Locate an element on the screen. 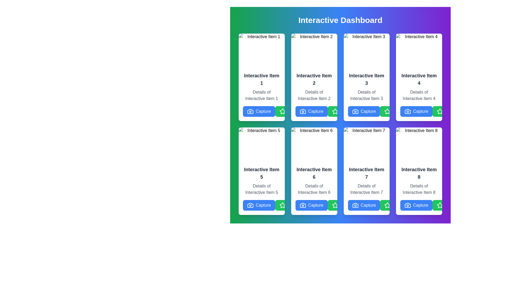 The height and width of the screenshot is (288, 512). the 'Capture' button icon located at the bottom right of the interface, specifically within the Interactive Item 8 card, which is to the left of a star icon is located at coordinates (407, 205).